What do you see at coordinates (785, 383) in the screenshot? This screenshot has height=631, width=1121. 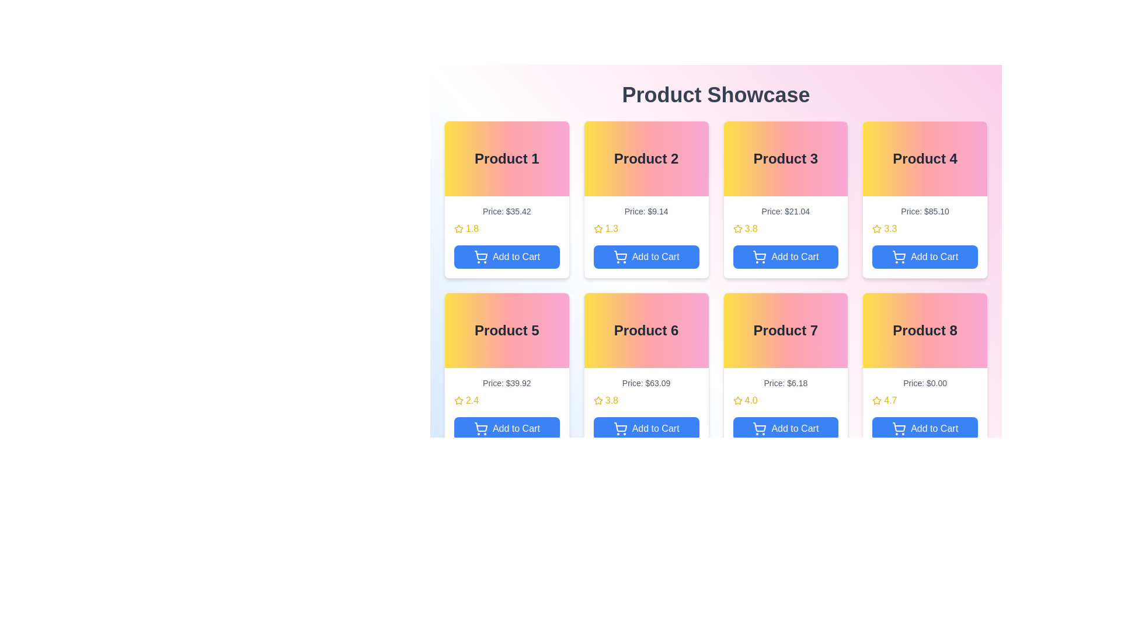 I see `displayed text from the 'Price: $6.18' label located under the 'Product 7' card, which is styled in small gray font` at bounding box center [785, 383].